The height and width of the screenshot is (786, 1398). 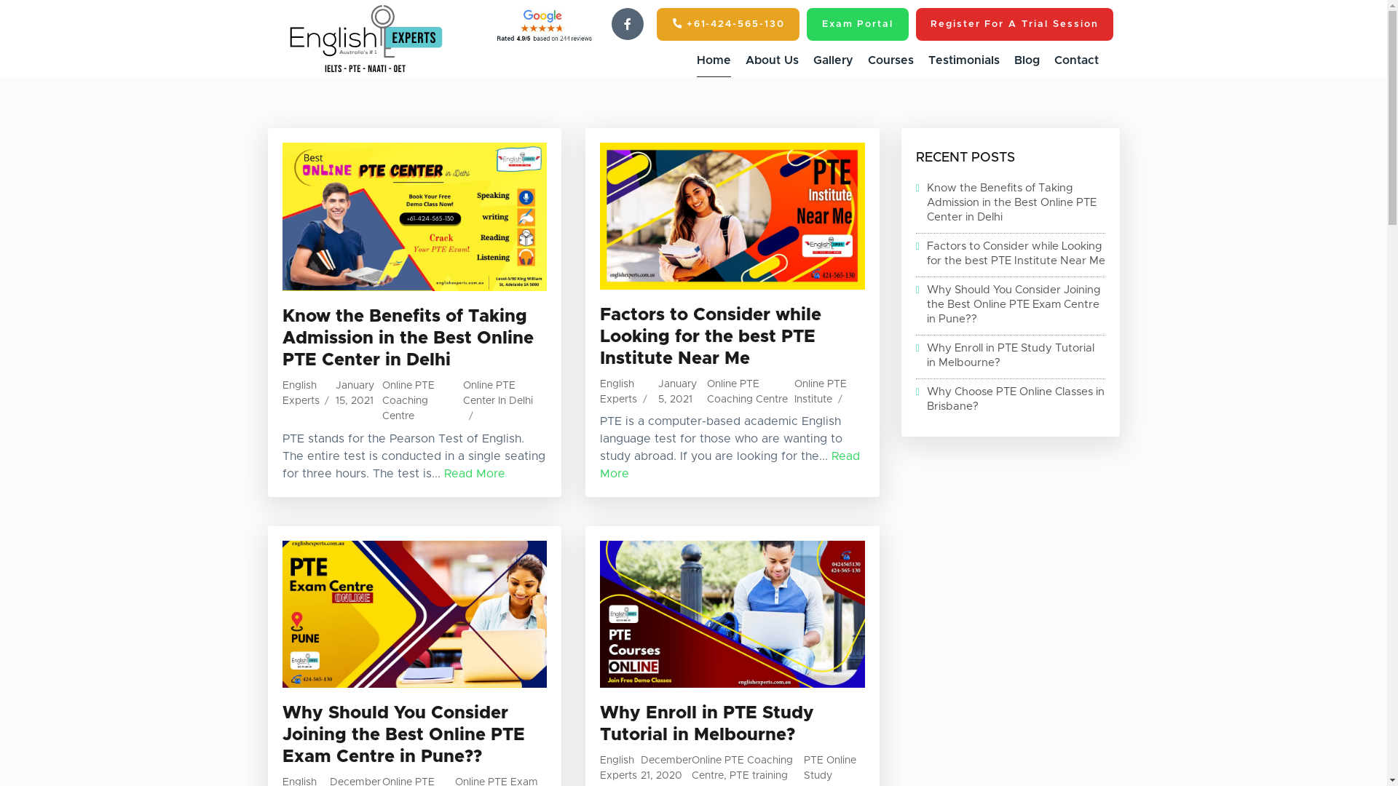 What do you see at coordinates (283, 393) in the screenshot?
I see `'English Experts'` at bounding box center [283, 393].